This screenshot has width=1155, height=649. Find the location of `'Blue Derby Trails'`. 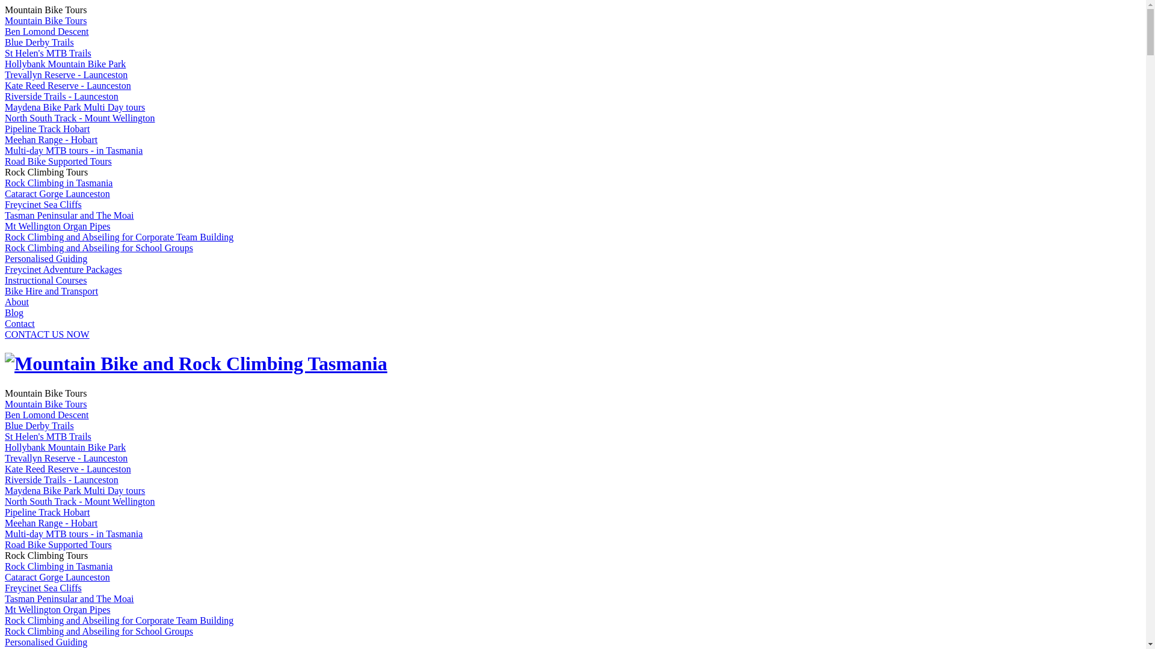

'Blue Derby Trails' is located at coordinates (39, 41).